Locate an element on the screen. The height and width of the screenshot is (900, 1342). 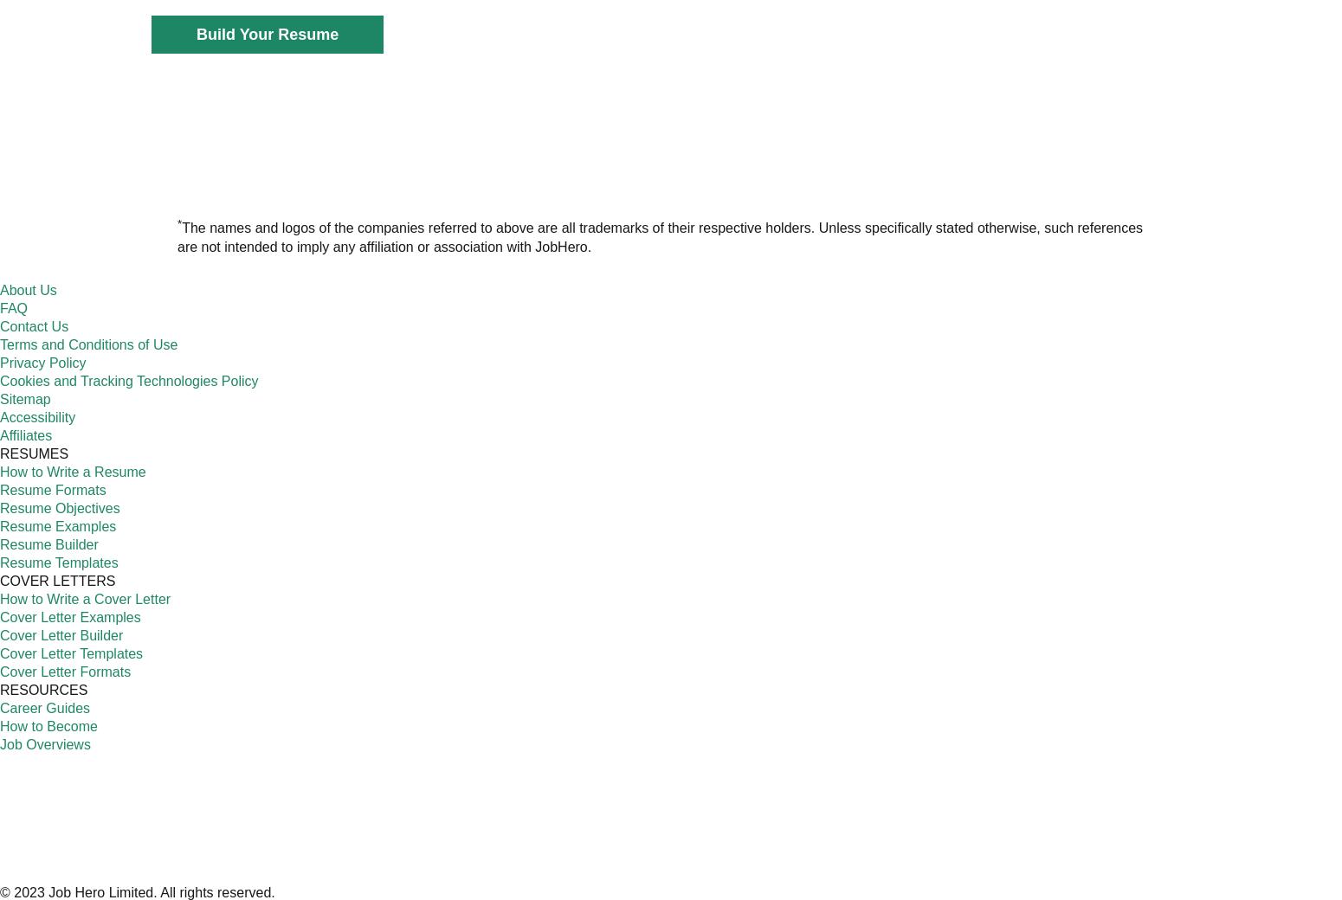
'QA Manager Examples' is located at coordinates (610, 355).